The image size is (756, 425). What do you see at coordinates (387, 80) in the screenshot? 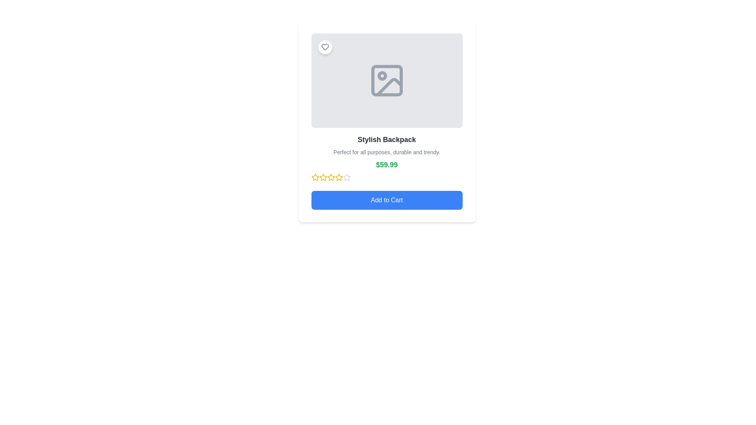
I see `the image placeholder element located at the top of the card layout, which has a light gray background and an image placeholder icon in the center` at bounding box center [387, 80].